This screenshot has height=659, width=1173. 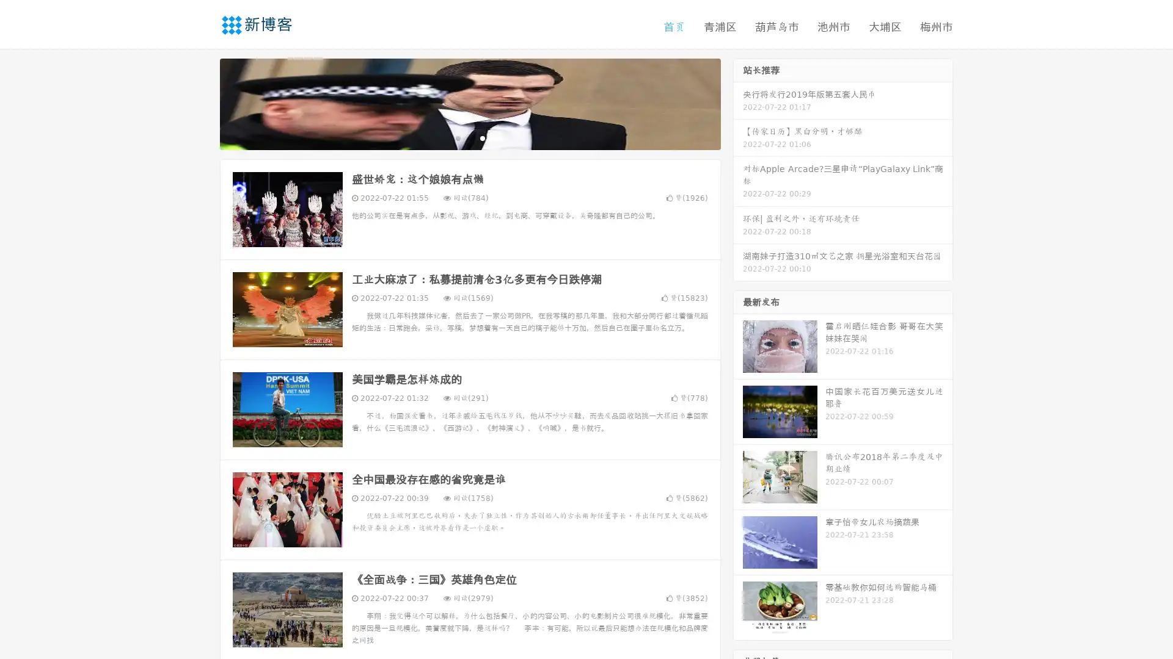 I want to click on Go to slide 2, so click(x=469, y=137).